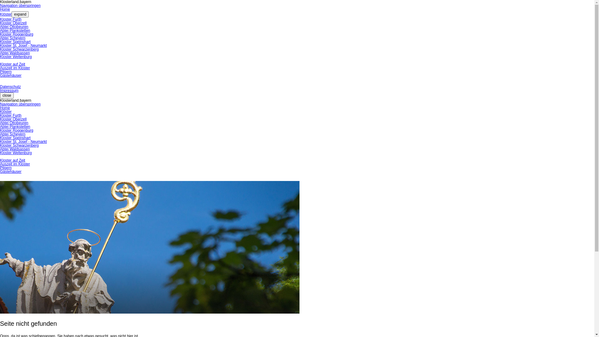  Describe the element at coordinates (0, 49) in the screenshot. I see `'Kloster Schwarzenberg'` at that location.